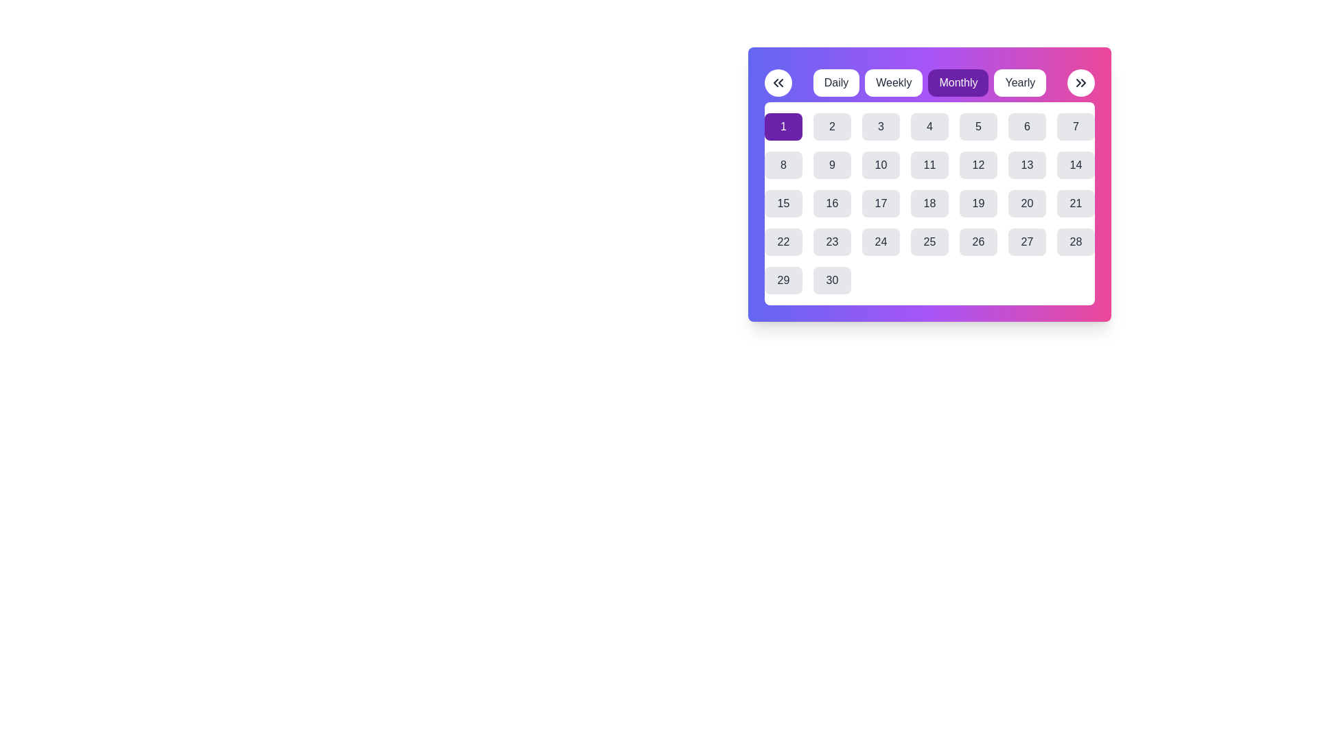 This screenshot has width=1318, height=741. I want to click on the button labeled '5' in the calendar grid, so click(978, 127).